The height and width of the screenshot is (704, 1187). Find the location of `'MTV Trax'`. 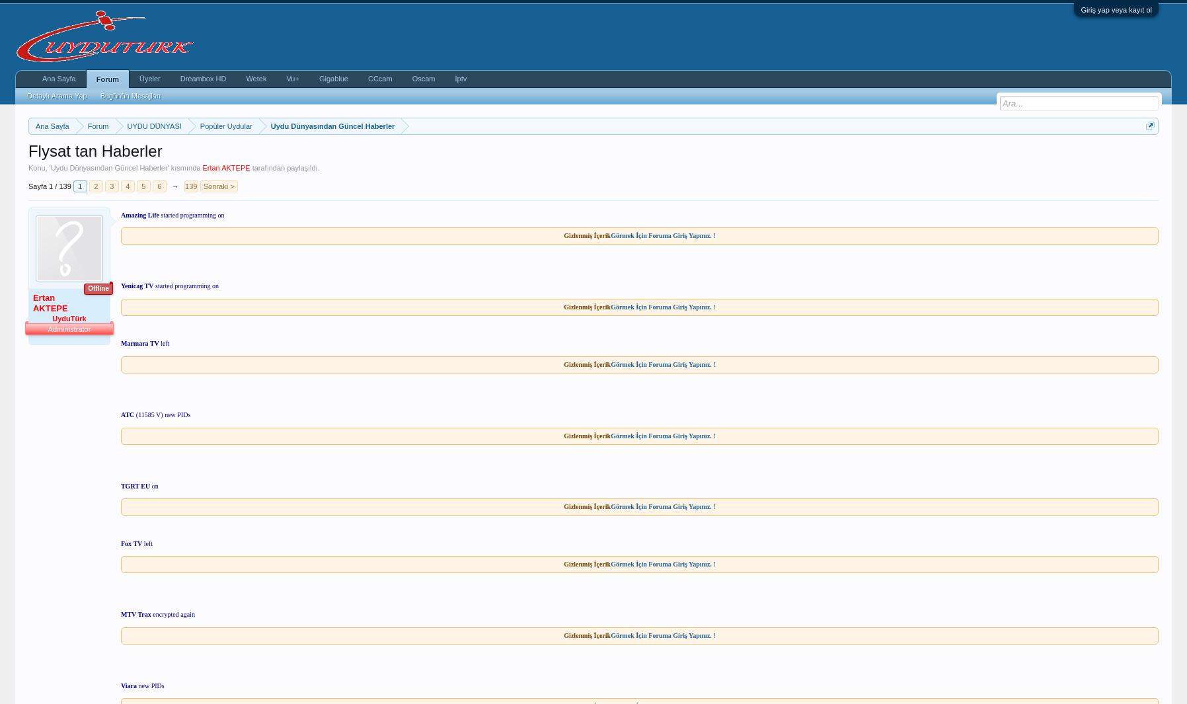

'MTV Trax' is located at coordinates (134, 614).